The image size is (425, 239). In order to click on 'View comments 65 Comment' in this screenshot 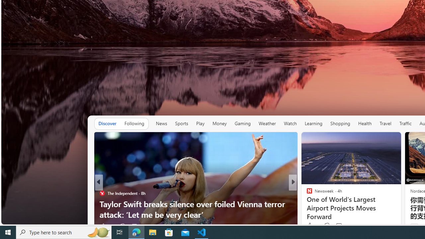, I will do `click(342, 226)`.